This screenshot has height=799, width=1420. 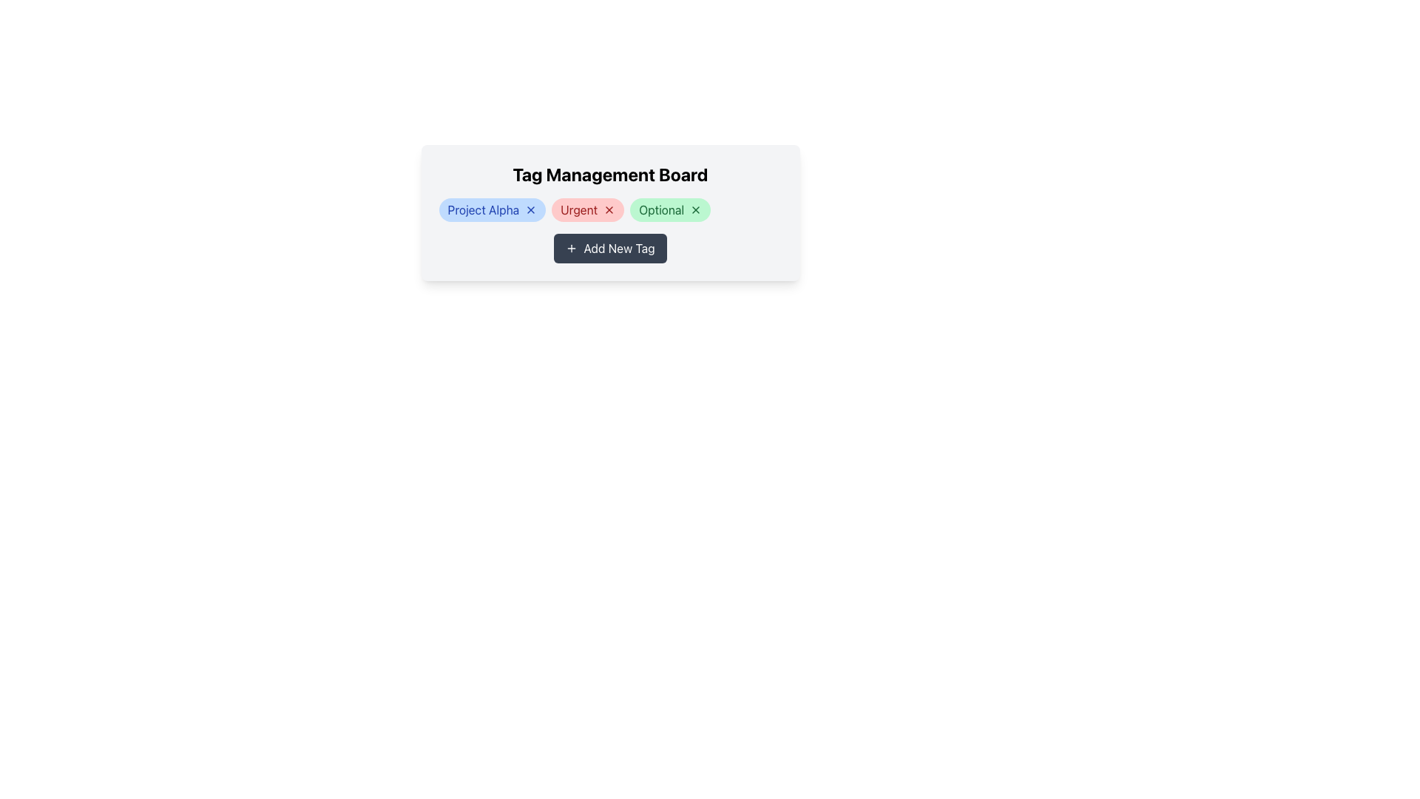 I want to click on the 'Add New Tag' button with a dark gray background located at the bottom of the 'Tag Management Board' modal, which is centered below the tags 'Project Alpha', 'Urgent', and 'Optional', so click(x=610, y=247).